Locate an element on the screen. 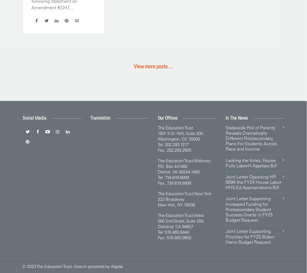 The width and height of the screenshot is (307, 273). '222 Broadway' is located at coordinates (171, 199).